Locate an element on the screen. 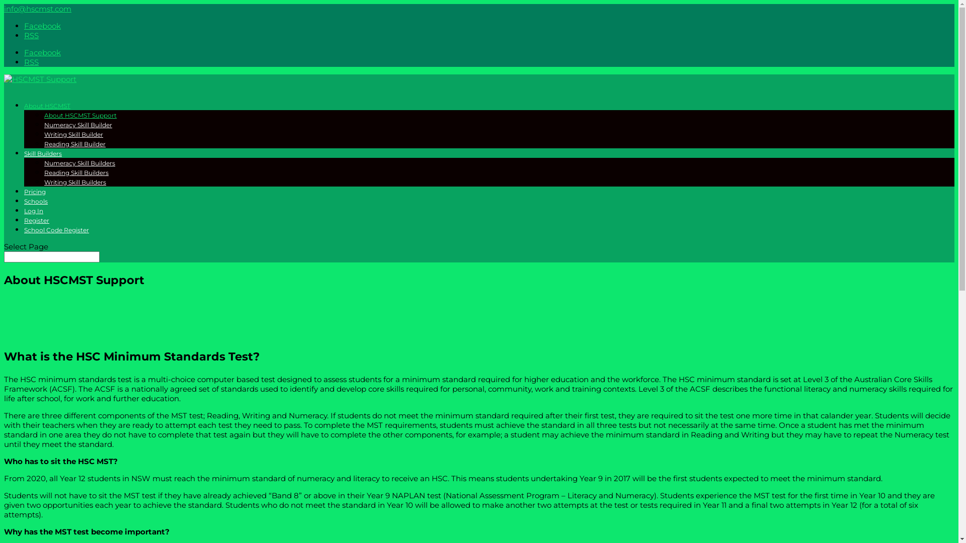 The width and height of the screenshot is (966, 543). 'Search for:' is located at coordinates (51, 256).